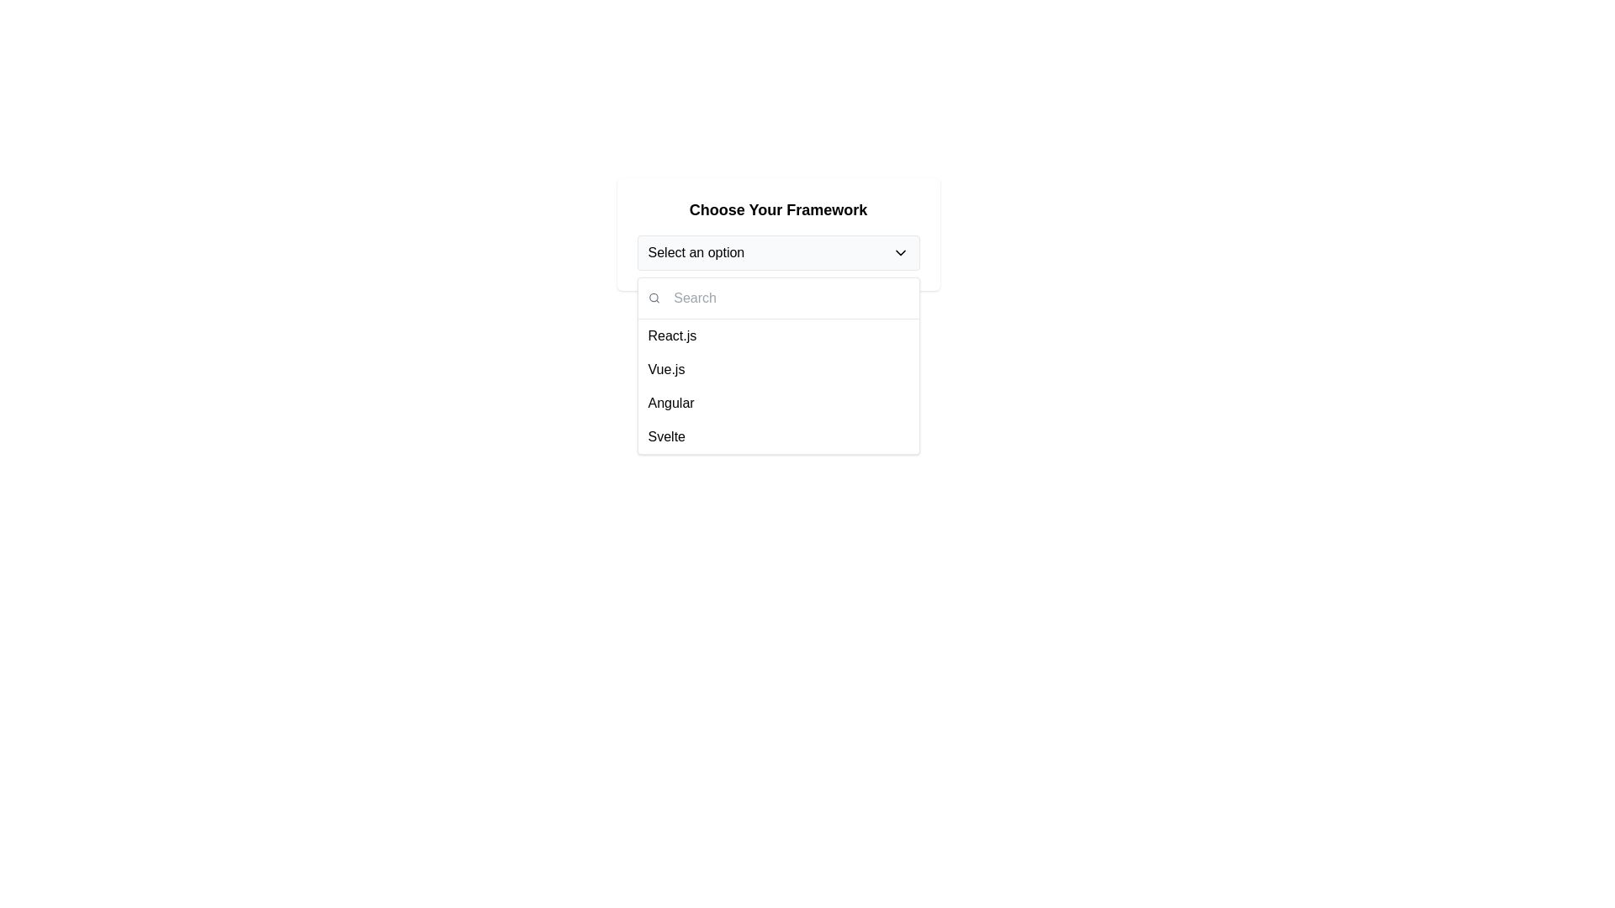 This screenshot has width=1615, height=908. Describe the element at coordinates (777, 365) in the screenshot. I see `the highlighted option 'Vue.js' in the dropdown menu located centrally below the 'Select an option' selection box` at that location.